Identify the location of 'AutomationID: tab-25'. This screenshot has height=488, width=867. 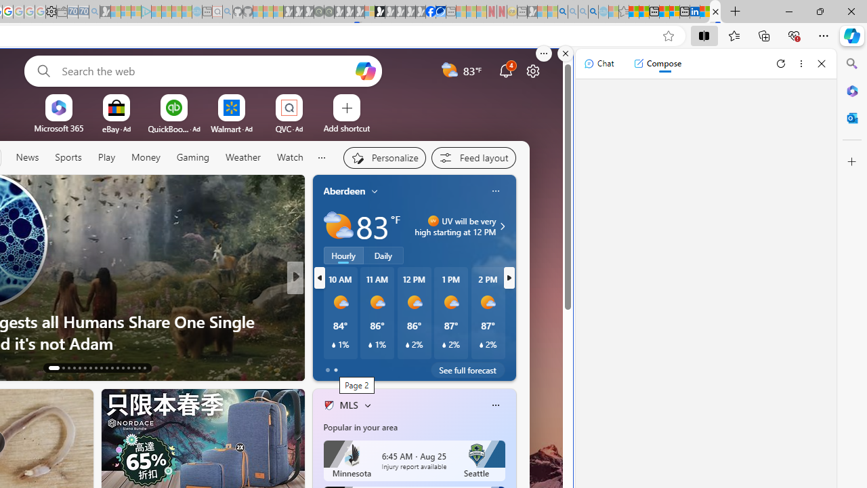
(123, 367).